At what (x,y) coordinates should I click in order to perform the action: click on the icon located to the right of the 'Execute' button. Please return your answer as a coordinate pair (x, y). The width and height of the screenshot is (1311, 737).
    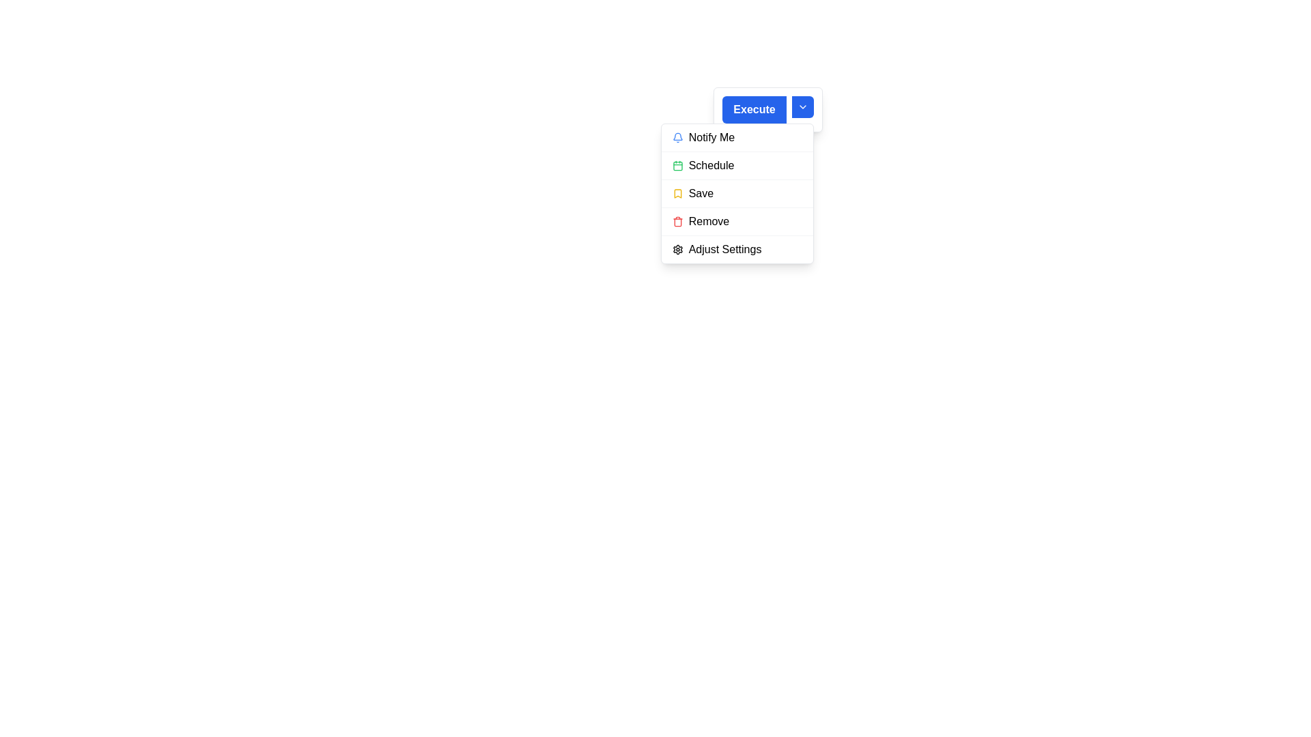
    Looking at the image, I should click on (802, 106).